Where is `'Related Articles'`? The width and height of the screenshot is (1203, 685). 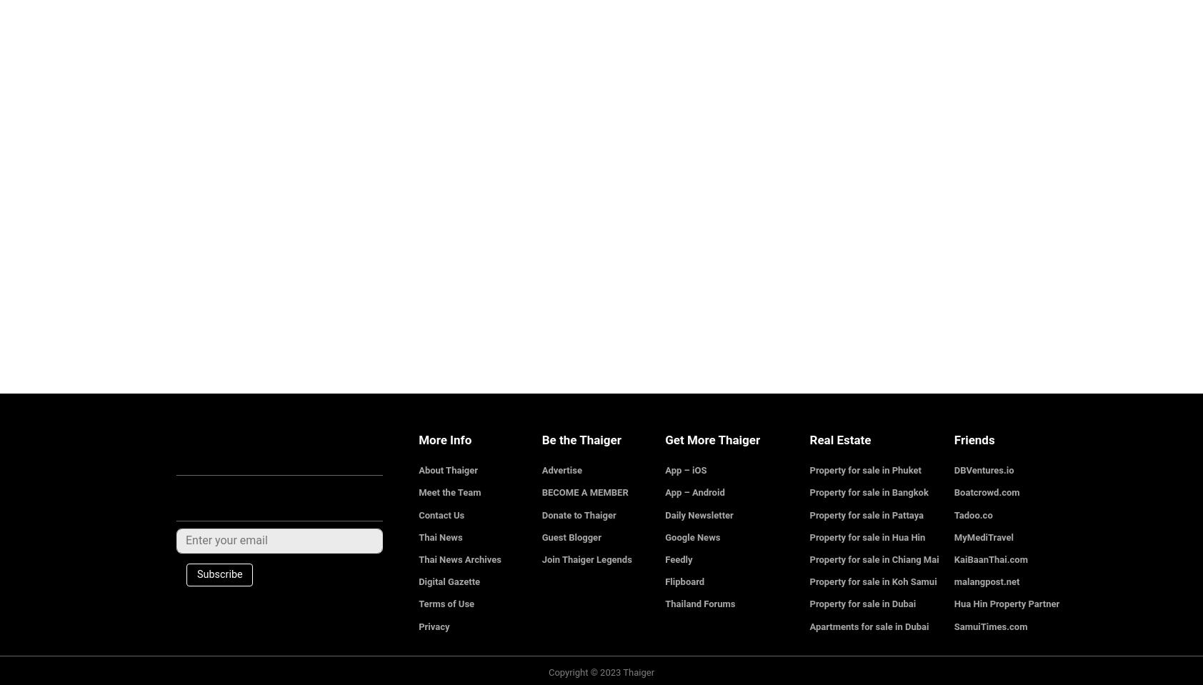 'Related Articles' is located at coordinates (222, 17).